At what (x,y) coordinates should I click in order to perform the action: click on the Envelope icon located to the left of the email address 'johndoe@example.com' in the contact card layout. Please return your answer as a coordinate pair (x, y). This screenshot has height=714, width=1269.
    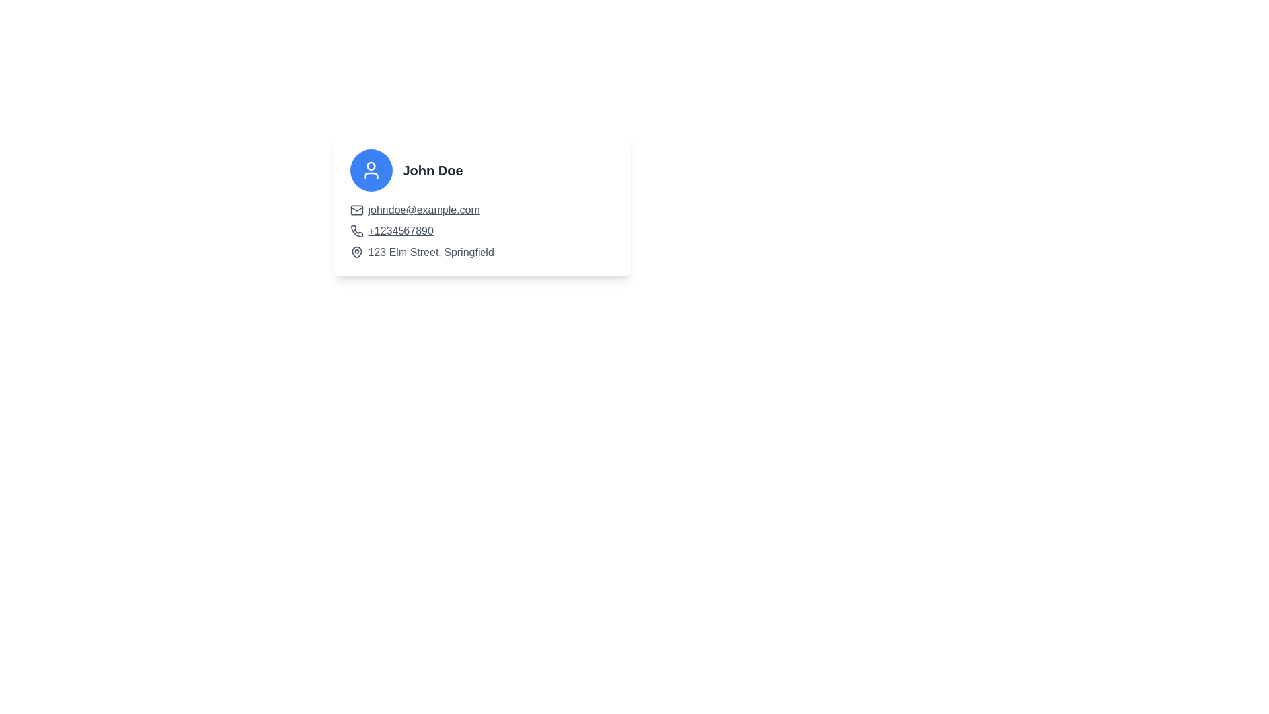
    Looking at the image, I should click on (356, 209).